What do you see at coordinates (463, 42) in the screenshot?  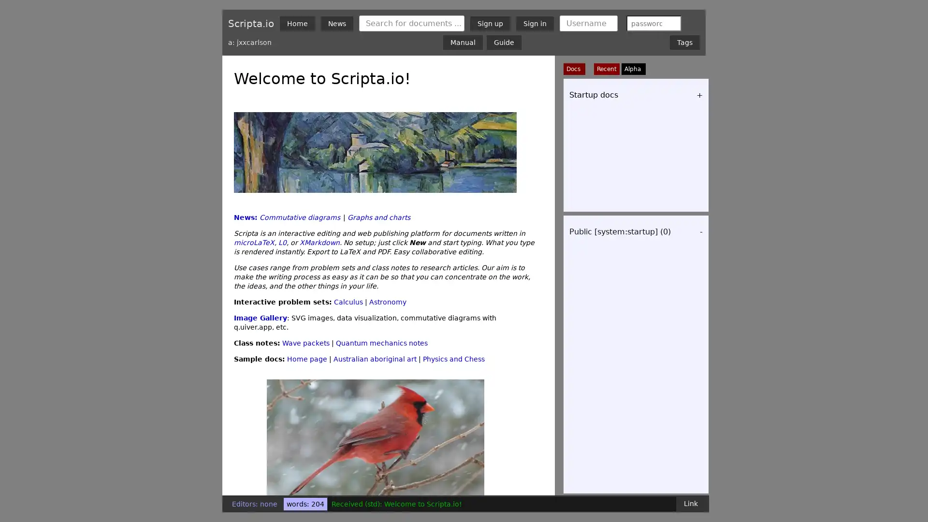 I see `Manual Manuals, templates, answers to common questions` at bounding box center [463, 42].